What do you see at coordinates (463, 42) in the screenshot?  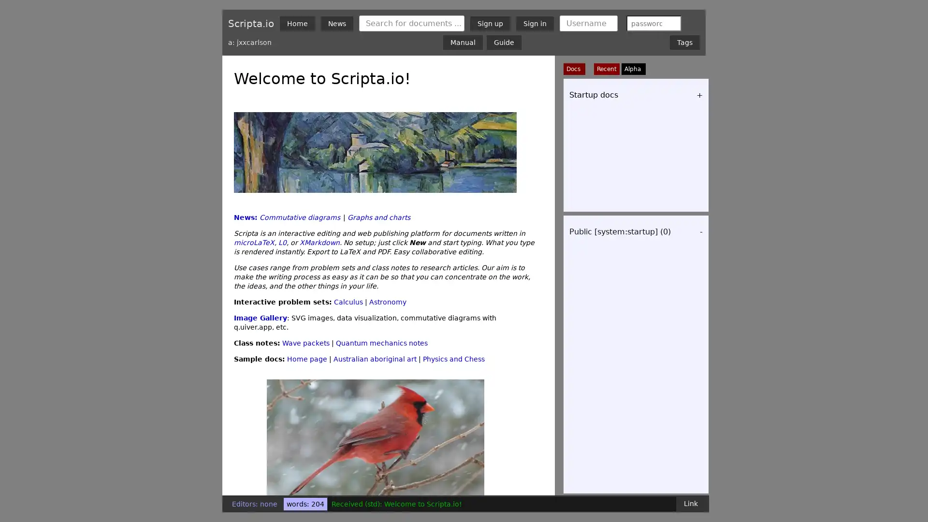 I see `Manual Manuals, templates, answers to common questions` at bounding box center [463, 42].